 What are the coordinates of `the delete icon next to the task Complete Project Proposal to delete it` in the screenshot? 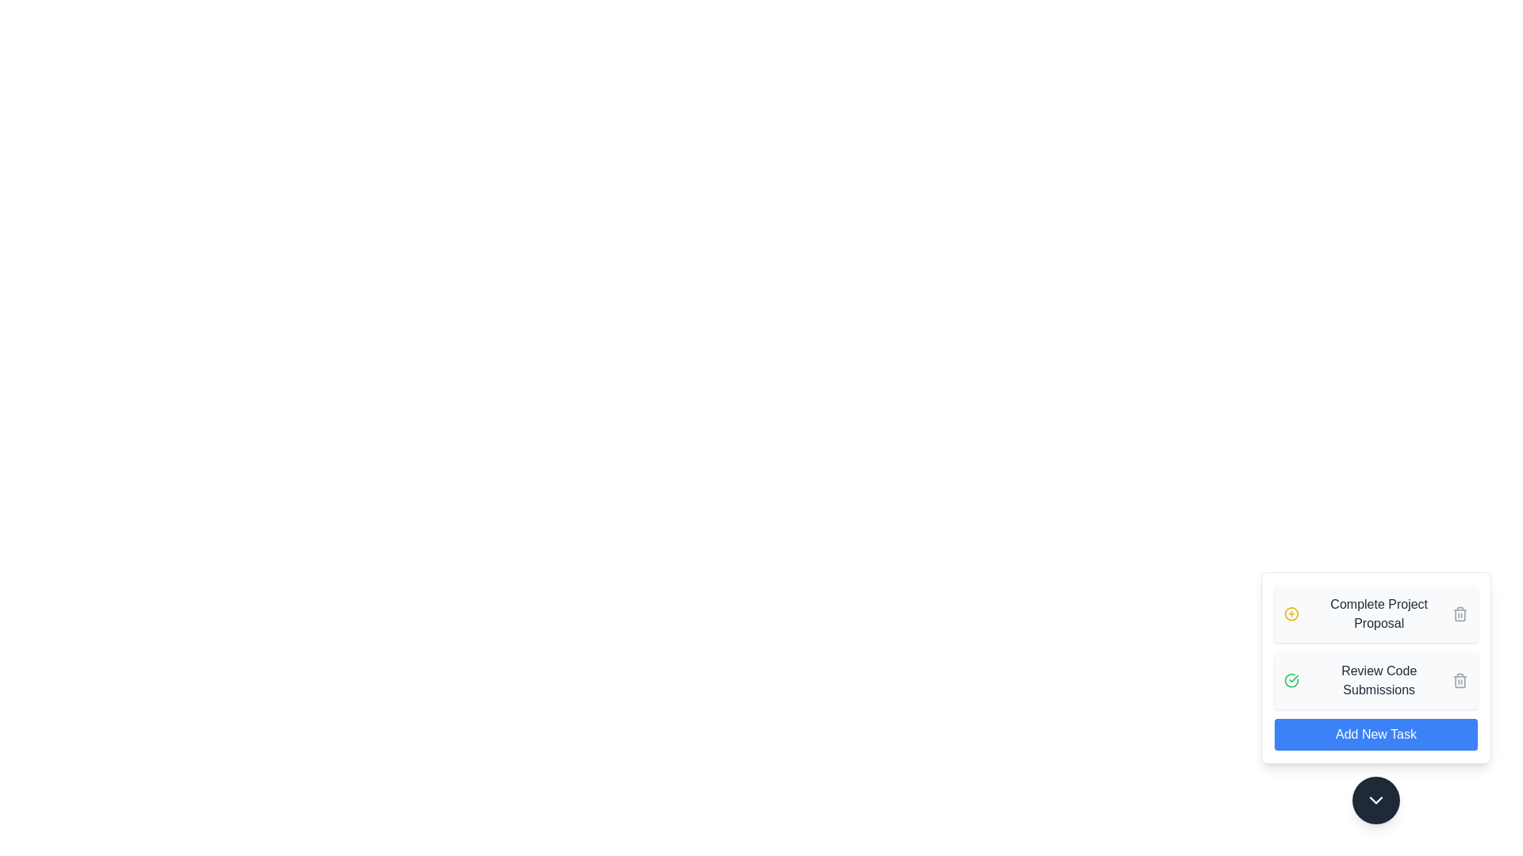 It's located at (1460, 613).